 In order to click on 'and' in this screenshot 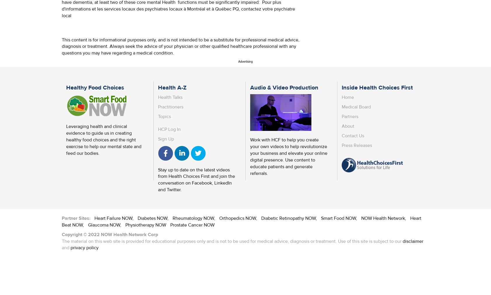, I will do `click(62, 247)`.